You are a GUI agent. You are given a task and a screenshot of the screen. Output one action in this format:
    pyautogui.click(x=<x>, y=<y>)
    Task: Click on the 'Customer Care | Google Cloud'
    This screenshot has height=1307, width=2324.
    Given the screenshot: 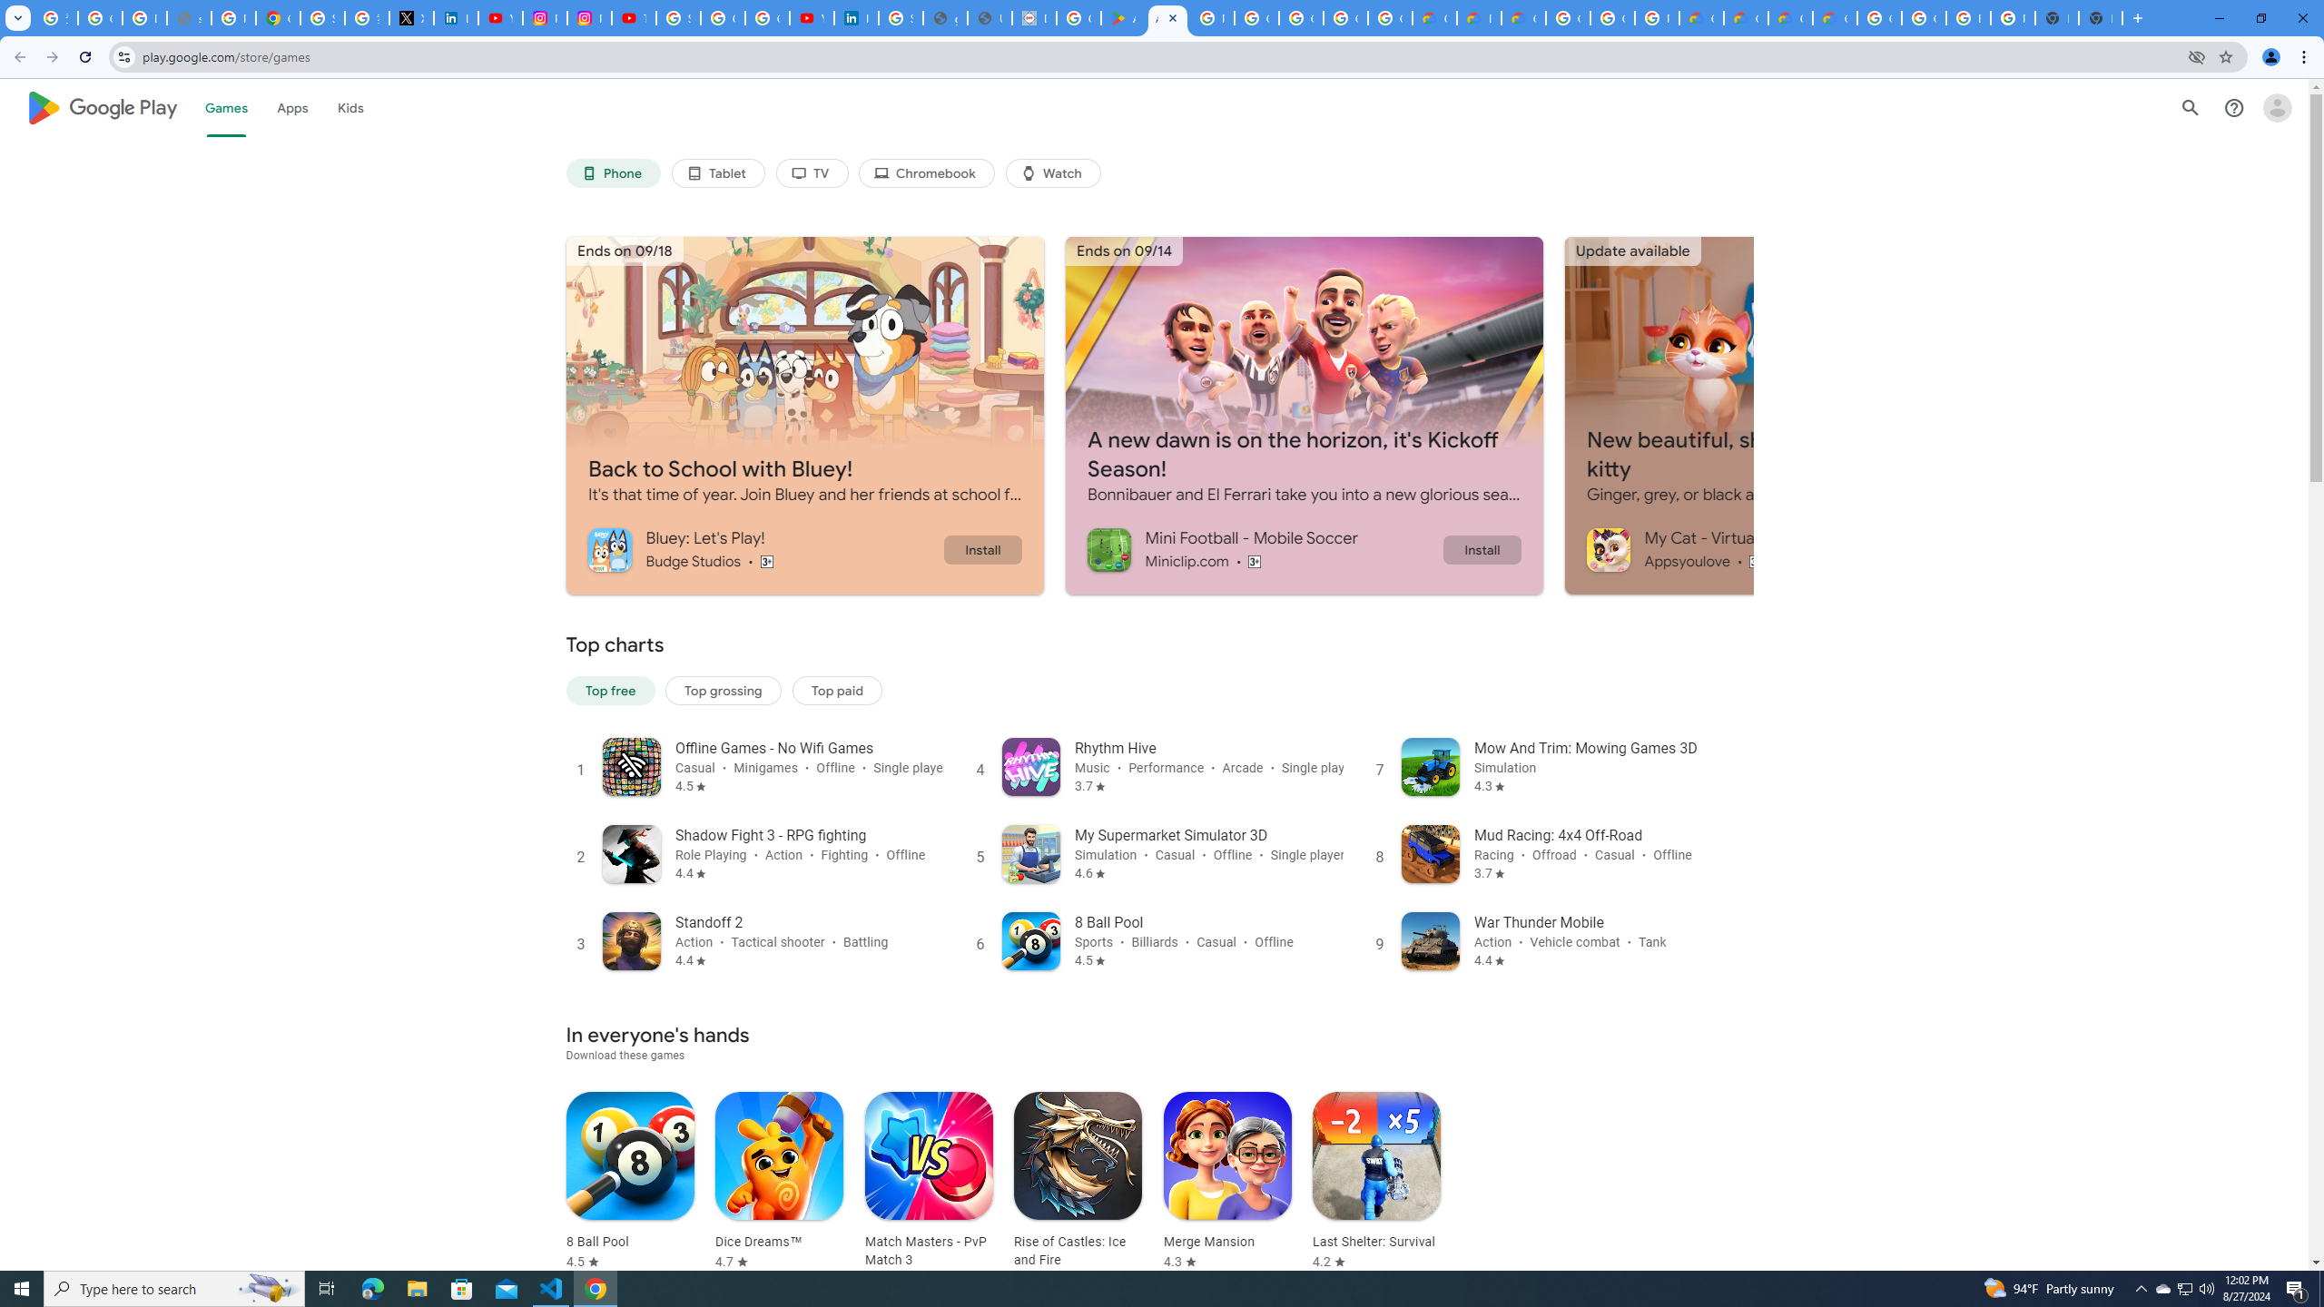 What is the action you would take?
    pyautogui.click(x=1699, y=17)
    